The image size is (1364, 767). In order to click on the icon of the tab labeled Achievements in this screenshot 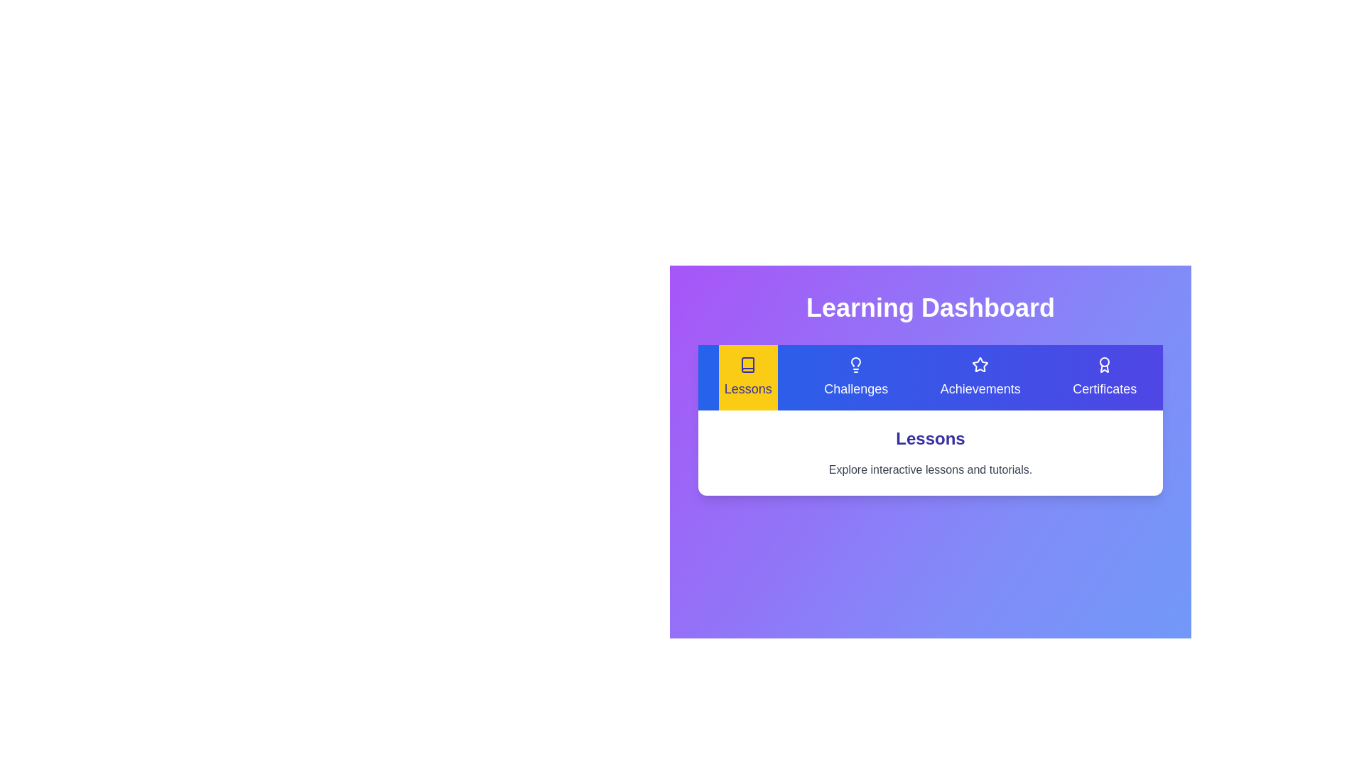, I will do `click(980, 364)`.